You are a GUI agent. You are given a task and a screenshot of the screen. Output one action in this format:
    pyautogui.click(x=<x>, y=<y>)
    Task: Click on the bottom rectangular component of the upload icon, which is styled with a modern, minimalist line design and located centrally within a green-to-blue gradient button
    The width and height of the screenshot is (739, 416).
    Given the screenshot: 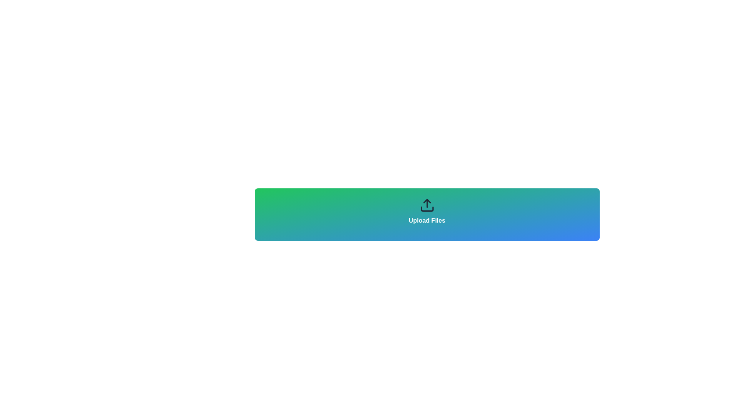 What is the action you would take?
    pyautogui.click(x=426, y=209)
    